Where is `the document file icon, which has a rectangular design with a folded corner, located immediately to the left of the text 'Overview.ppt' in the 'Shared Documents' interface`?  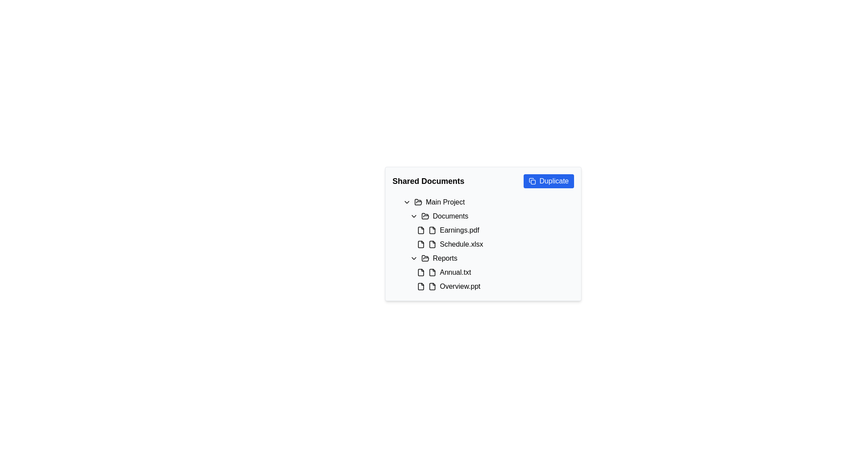 the document file icon, which has a rectangular design with a folded corner, located immediately to the left of the text 'Overview.ppt' in the 'Shared Documents' interface is located at coordinates (421, 286).